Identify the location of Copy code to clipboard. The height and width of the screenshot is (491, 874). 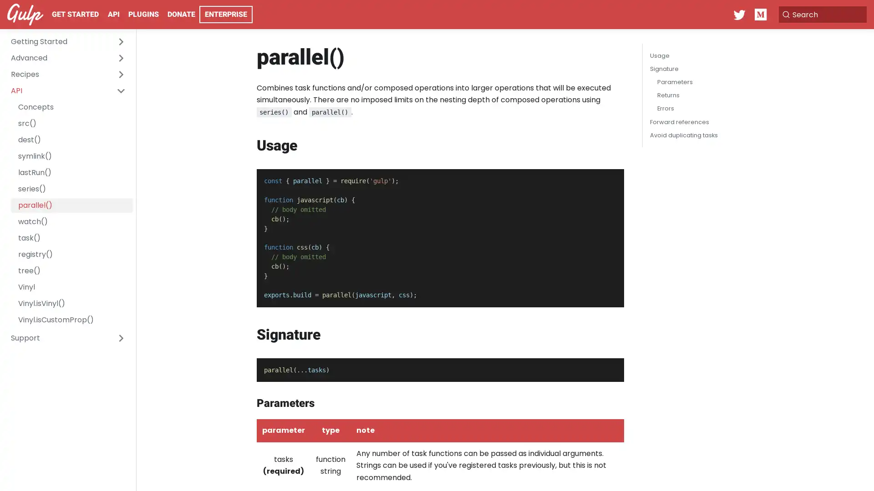
(609, 179).